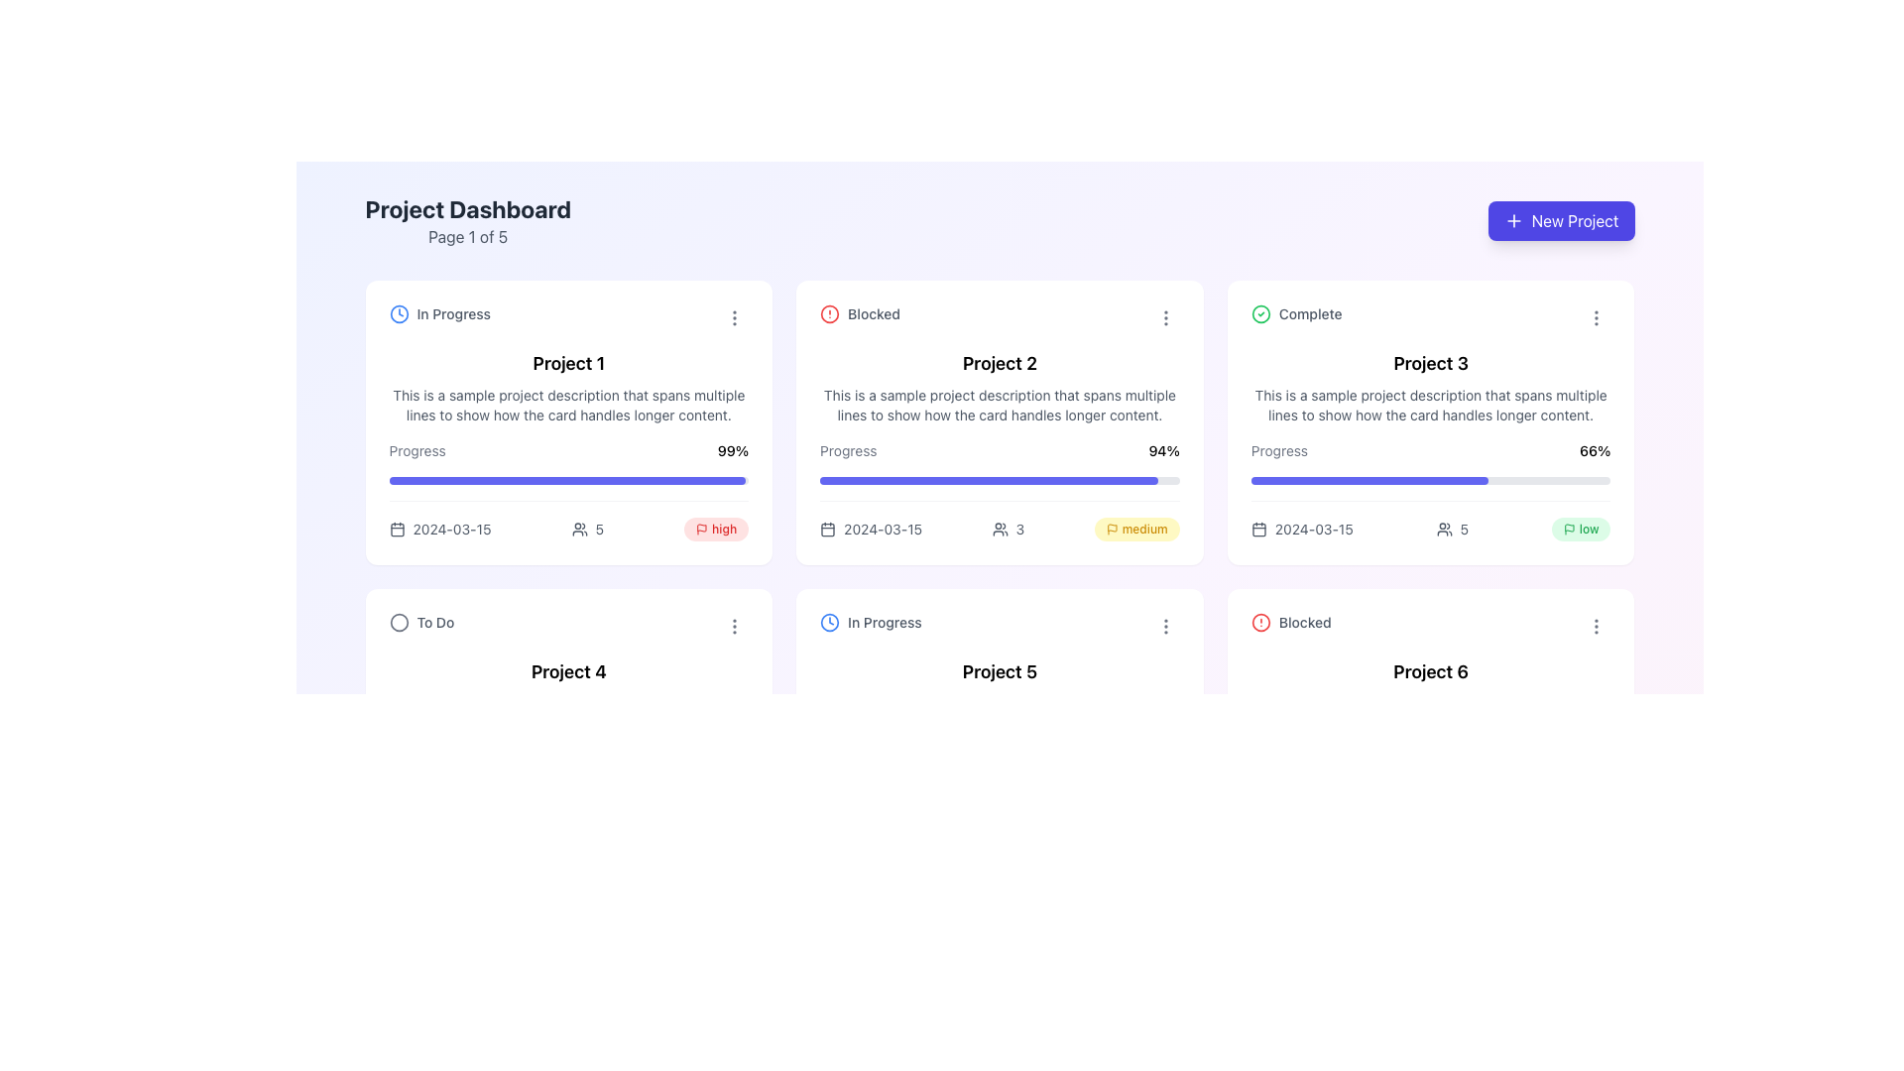 Image resolution: width=1904 pixels, height=1071 pixels. What do you see at coordinates (1431, 671) in the screenshot?
I see `the heading text styled with a bold, large font that reads 'Project 6', located centrally within a card layout in the second column of the second row of the grid` at bounding box center [1431, 671].